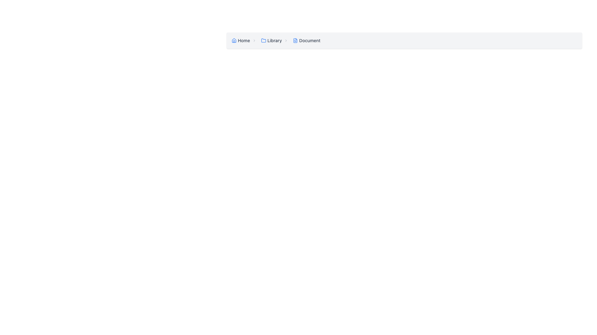 The image size is (597, 335). What do you see at coordinates (295, 41) in the screenshot?
I see `the main body of the file icon graphic representing the 'Document' item in the breadcrumb navigation section` at bounding box center [295, 41].